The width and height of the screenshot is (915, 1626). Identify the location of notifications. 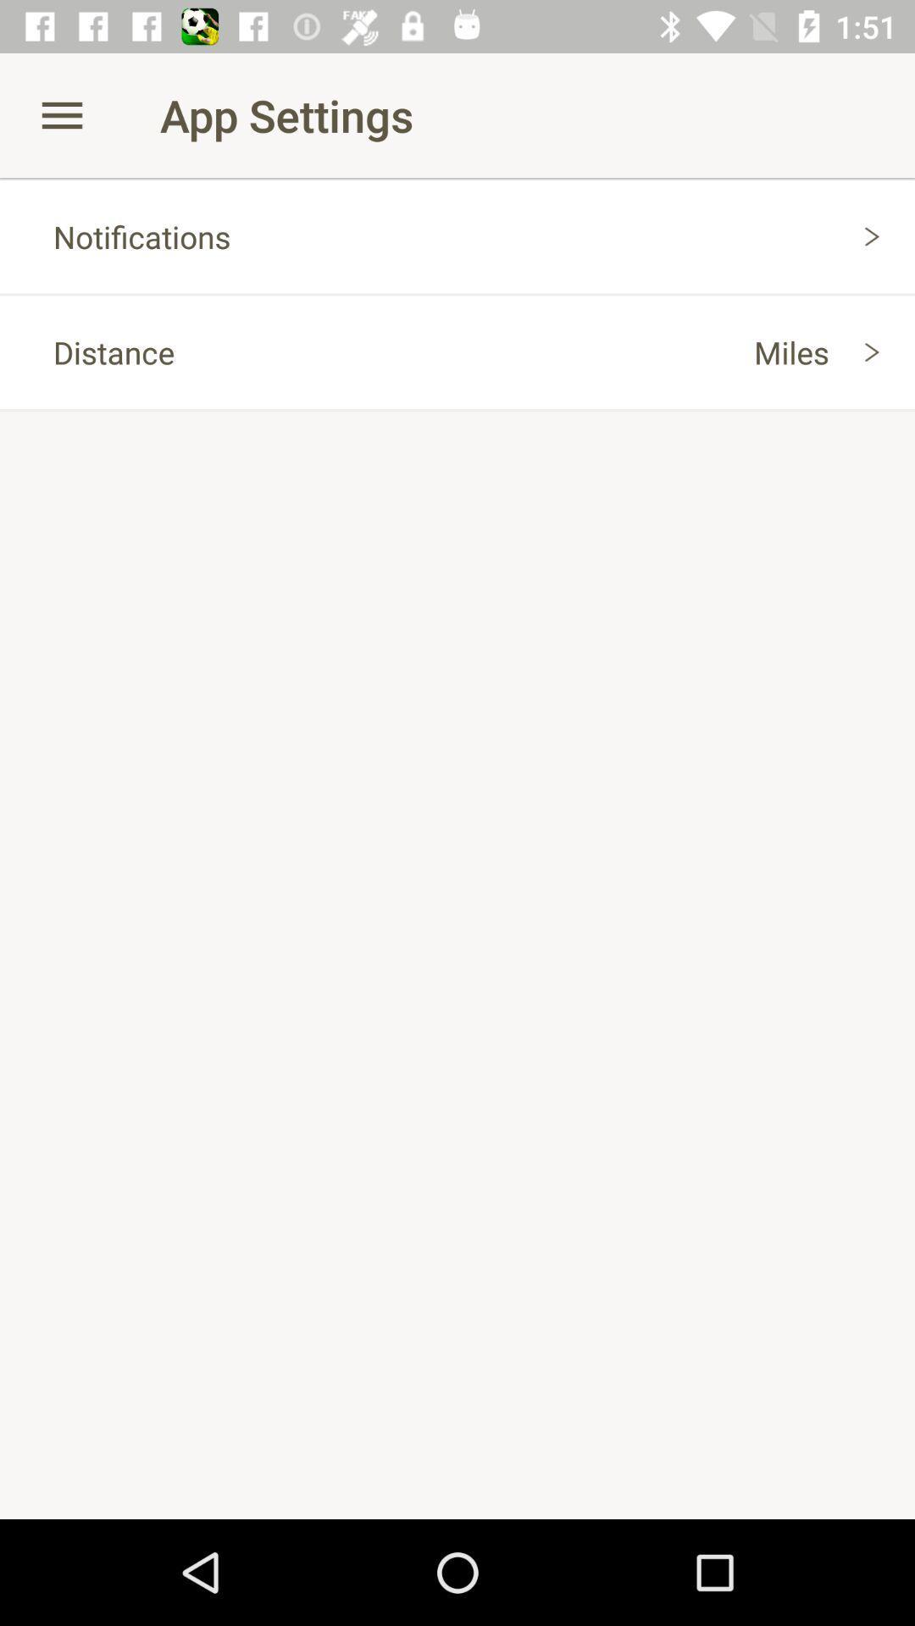
(457, 235).